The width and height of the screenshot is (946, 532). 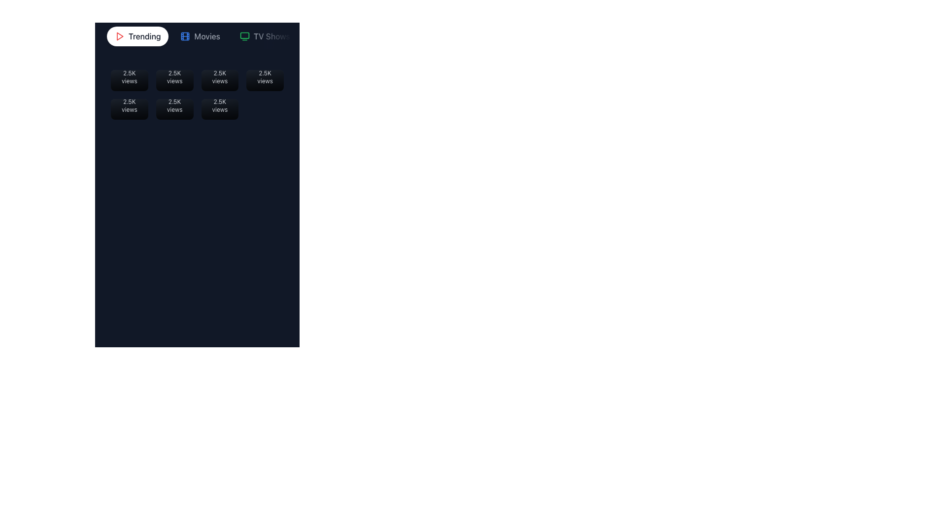 I want to click on the informational label that displays video content details, including its title and view count, located in the second row and third column of the grid layout, so click(x=219, y=101).